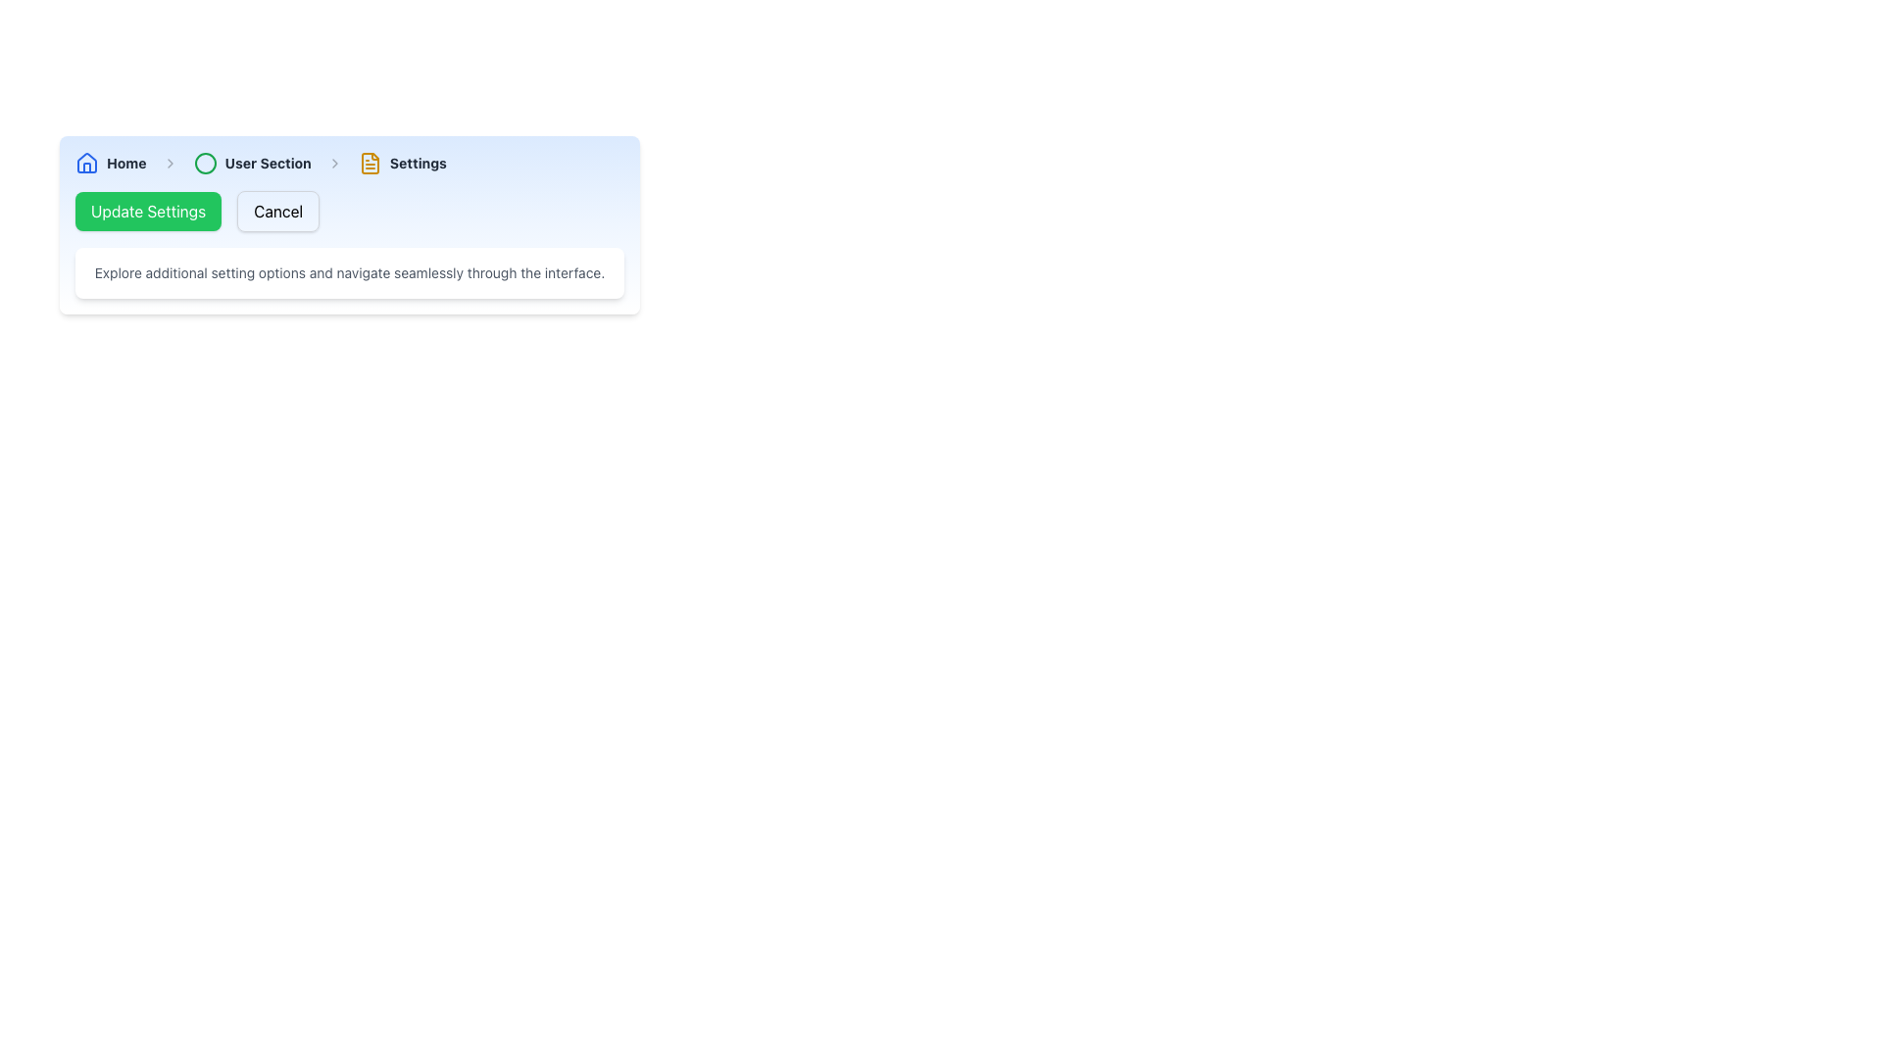 Image resolution: width=1882 pixels, height=1058 pixels. Describe the element at coordinates (147, 212) in the screenshot. I see `the green 'Update Settings' button with white text` at that location.